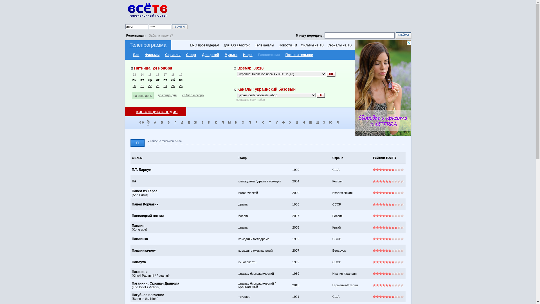  I want to click on '13', so click(132, 74).